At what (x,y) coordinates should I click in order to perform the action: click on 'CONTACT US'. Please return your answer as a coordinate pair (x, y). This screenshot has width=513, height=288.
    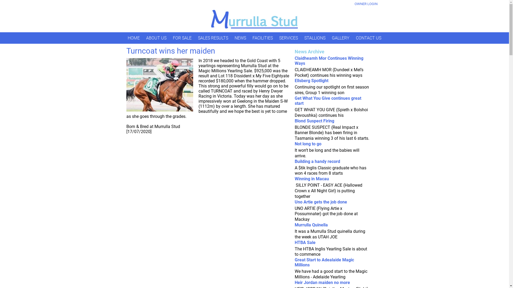
    Looking at the image, I should click on (370, 38).